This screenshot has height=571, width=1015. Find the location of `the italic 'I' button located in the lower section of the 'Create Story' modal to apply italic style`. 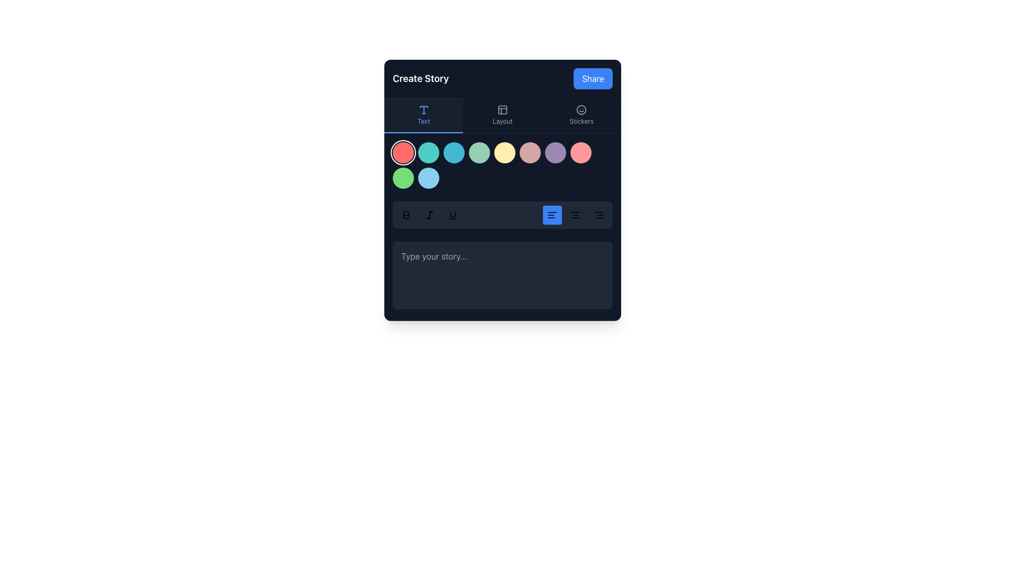

the italic 'I' button located in the lower section of the 'Create Story' modal to apply italic style is located at coordinates (429, 215).